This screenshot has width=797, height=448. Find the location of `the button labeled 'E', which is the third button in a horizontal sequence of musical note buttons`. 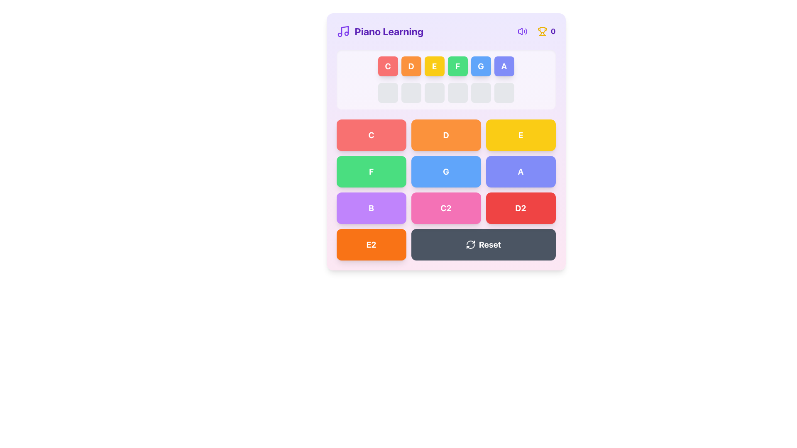

the button labeled 'E', which is the third button in a horizontal sequence of musical note buttons is located at coordinates (434, 66).